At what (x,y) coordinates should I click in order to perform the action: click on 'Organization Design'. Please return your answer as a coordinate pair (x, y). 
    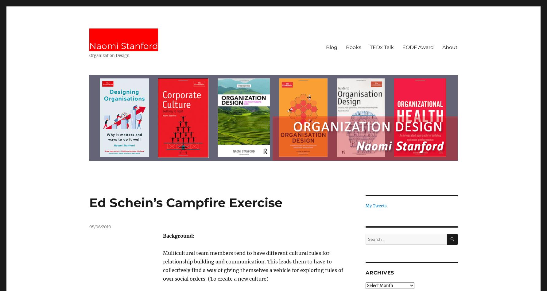
    Looking at the image, I should click on (109, 55).